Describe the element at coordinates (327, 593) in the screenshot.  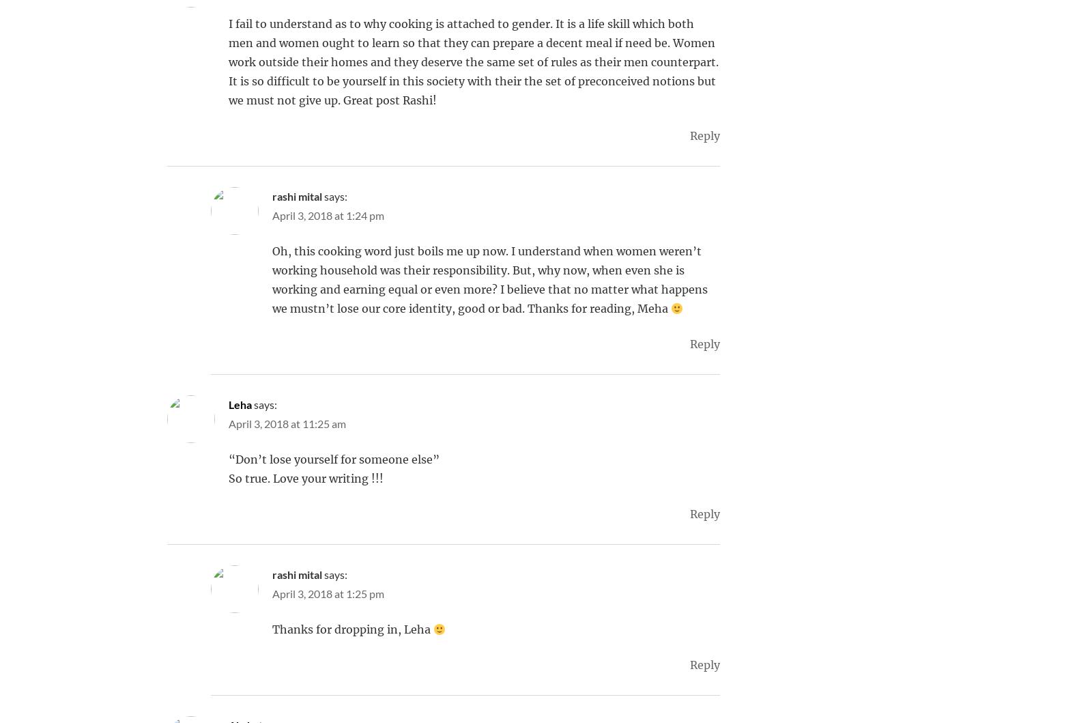
I see `'April 3, 2018 at 1:25 pm'` at that location.